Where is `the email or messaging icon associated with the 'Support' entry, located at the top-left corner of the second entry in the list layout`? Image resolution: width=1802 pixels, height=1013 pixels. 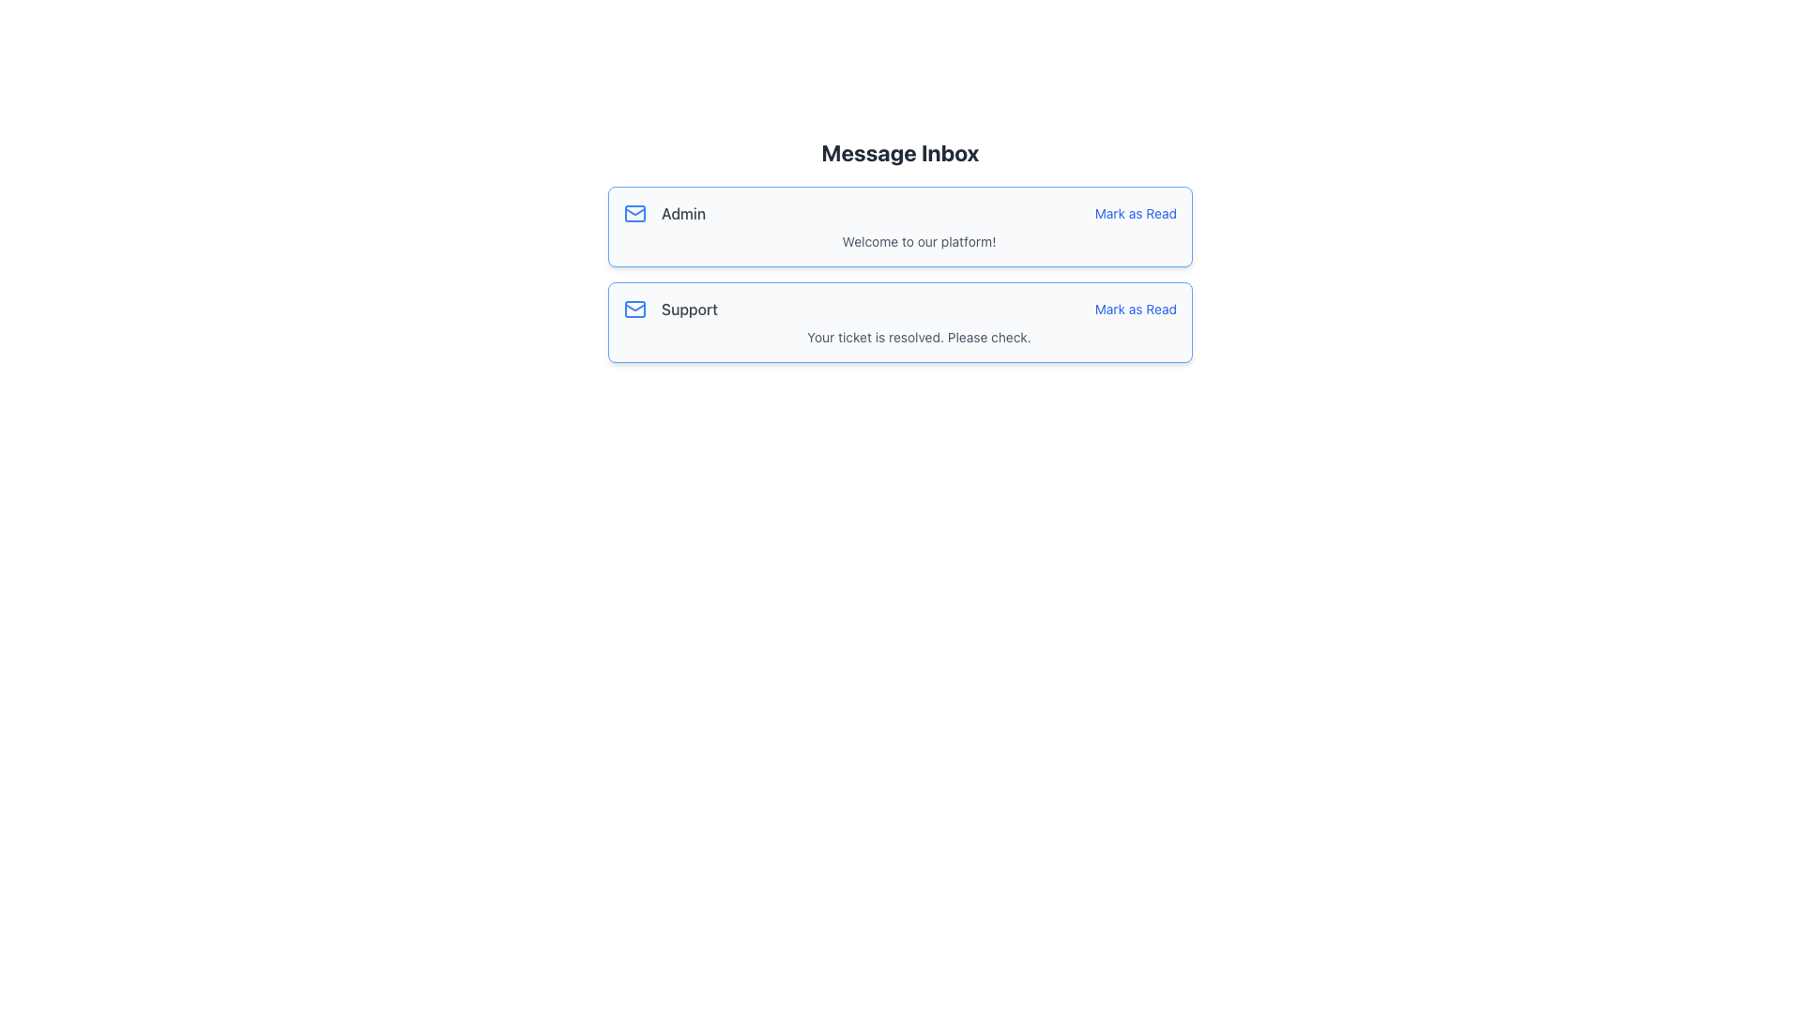 the email or messaging icon associated with the 'Support' entry, located at the top-left corner of the second entry in the list layout is located at coordinates (634, 309).